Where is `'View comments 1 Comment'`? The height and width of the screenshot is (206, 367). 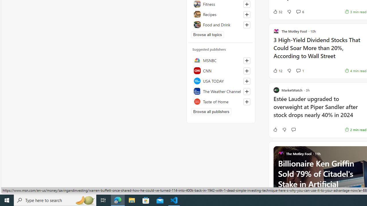 'View comments 1 Comment' is located at coordinates (298, 70).